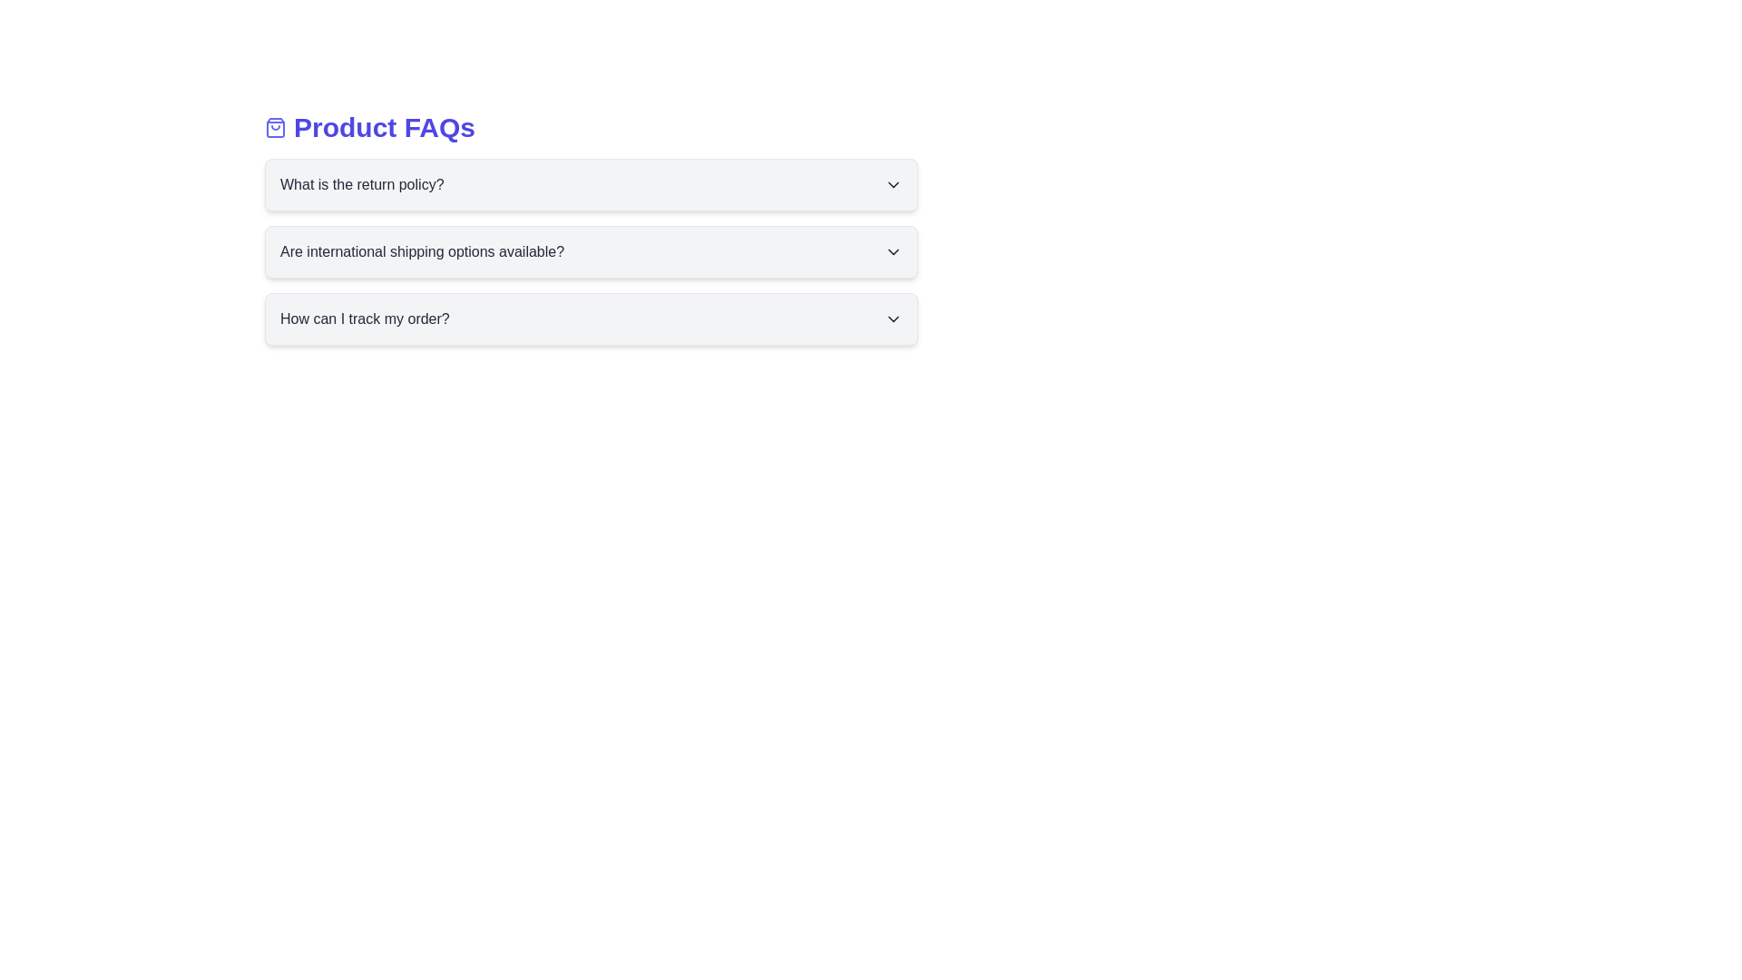  What do you see at coordinates (592, 227) in the screenshot?
I see `the second question item in the FAQ section` at bounding box center [592, 227].